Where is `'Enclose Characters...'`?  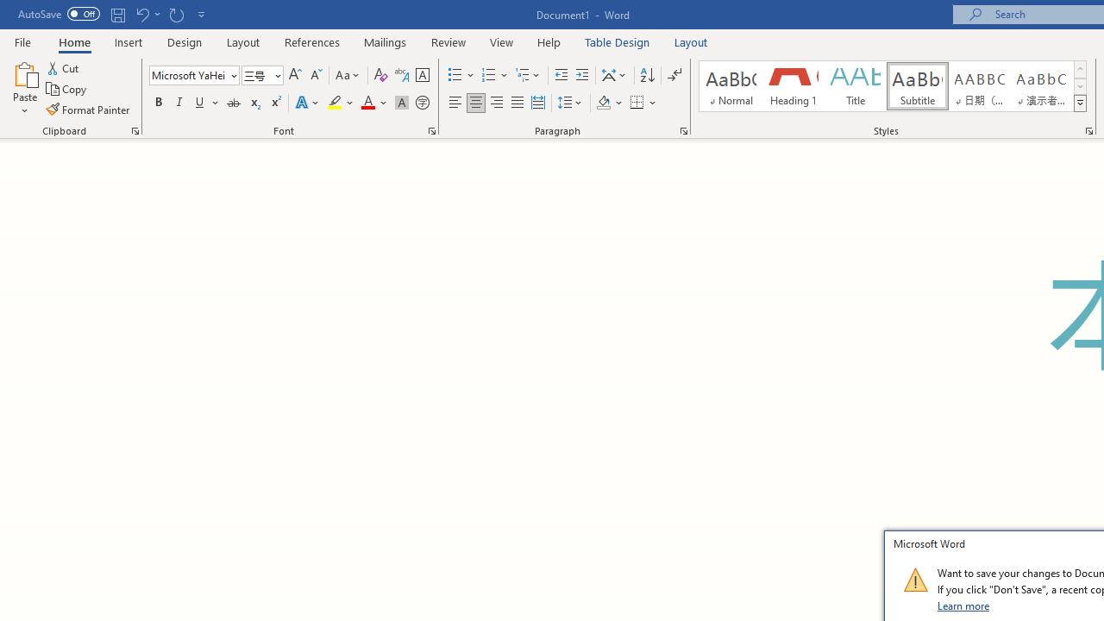
'Enclose Characters...' is located at coordinates (422, 103).